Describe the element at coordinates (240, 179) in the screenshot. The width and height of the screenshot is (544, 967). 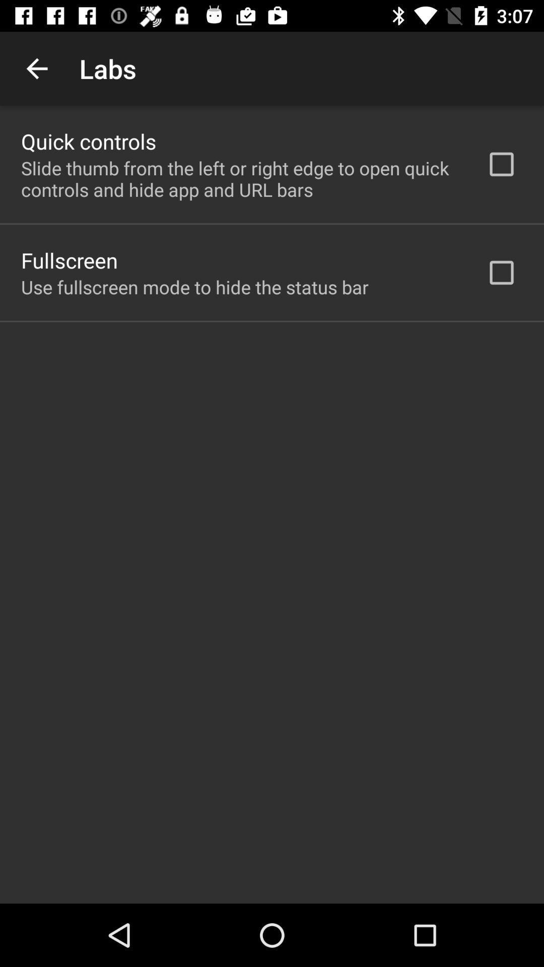
I see `item below the quick controls item` at that location.